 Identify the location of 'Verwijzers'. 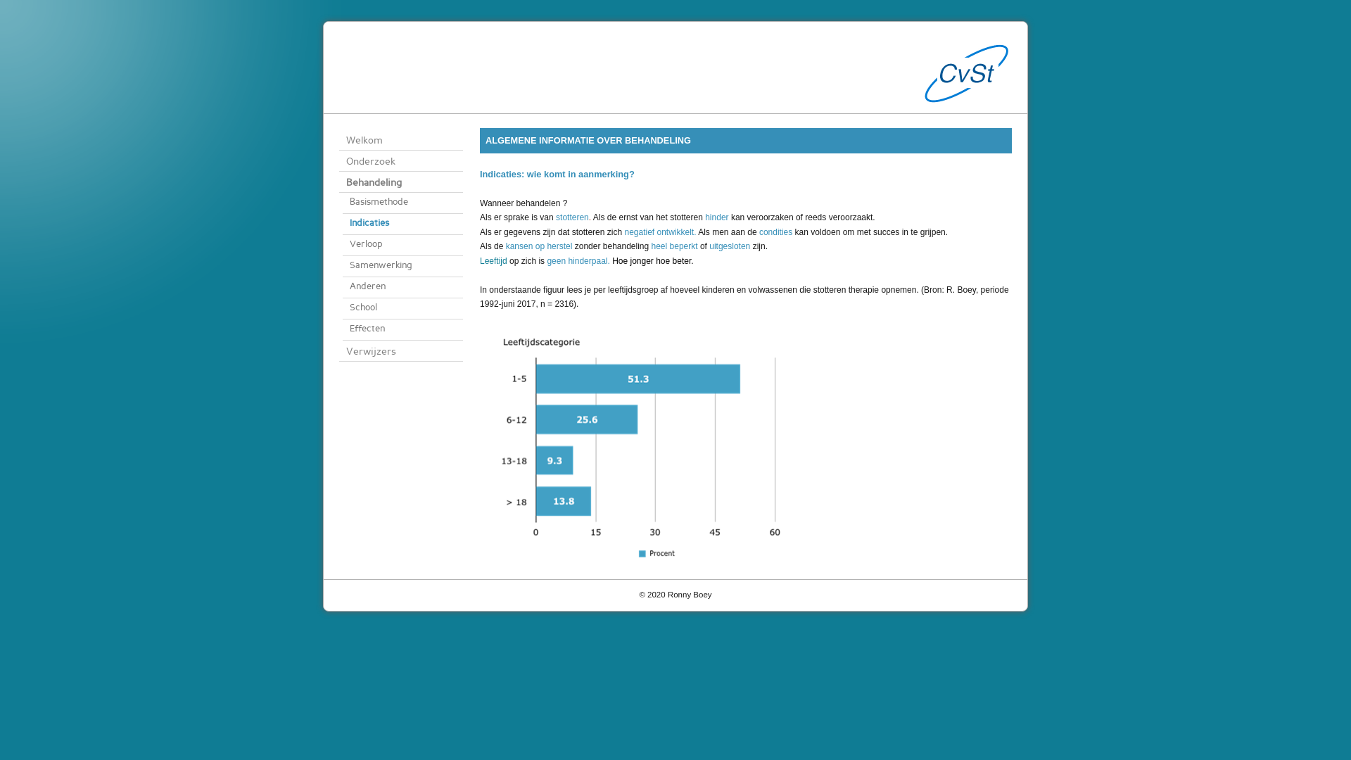
(338, 350).